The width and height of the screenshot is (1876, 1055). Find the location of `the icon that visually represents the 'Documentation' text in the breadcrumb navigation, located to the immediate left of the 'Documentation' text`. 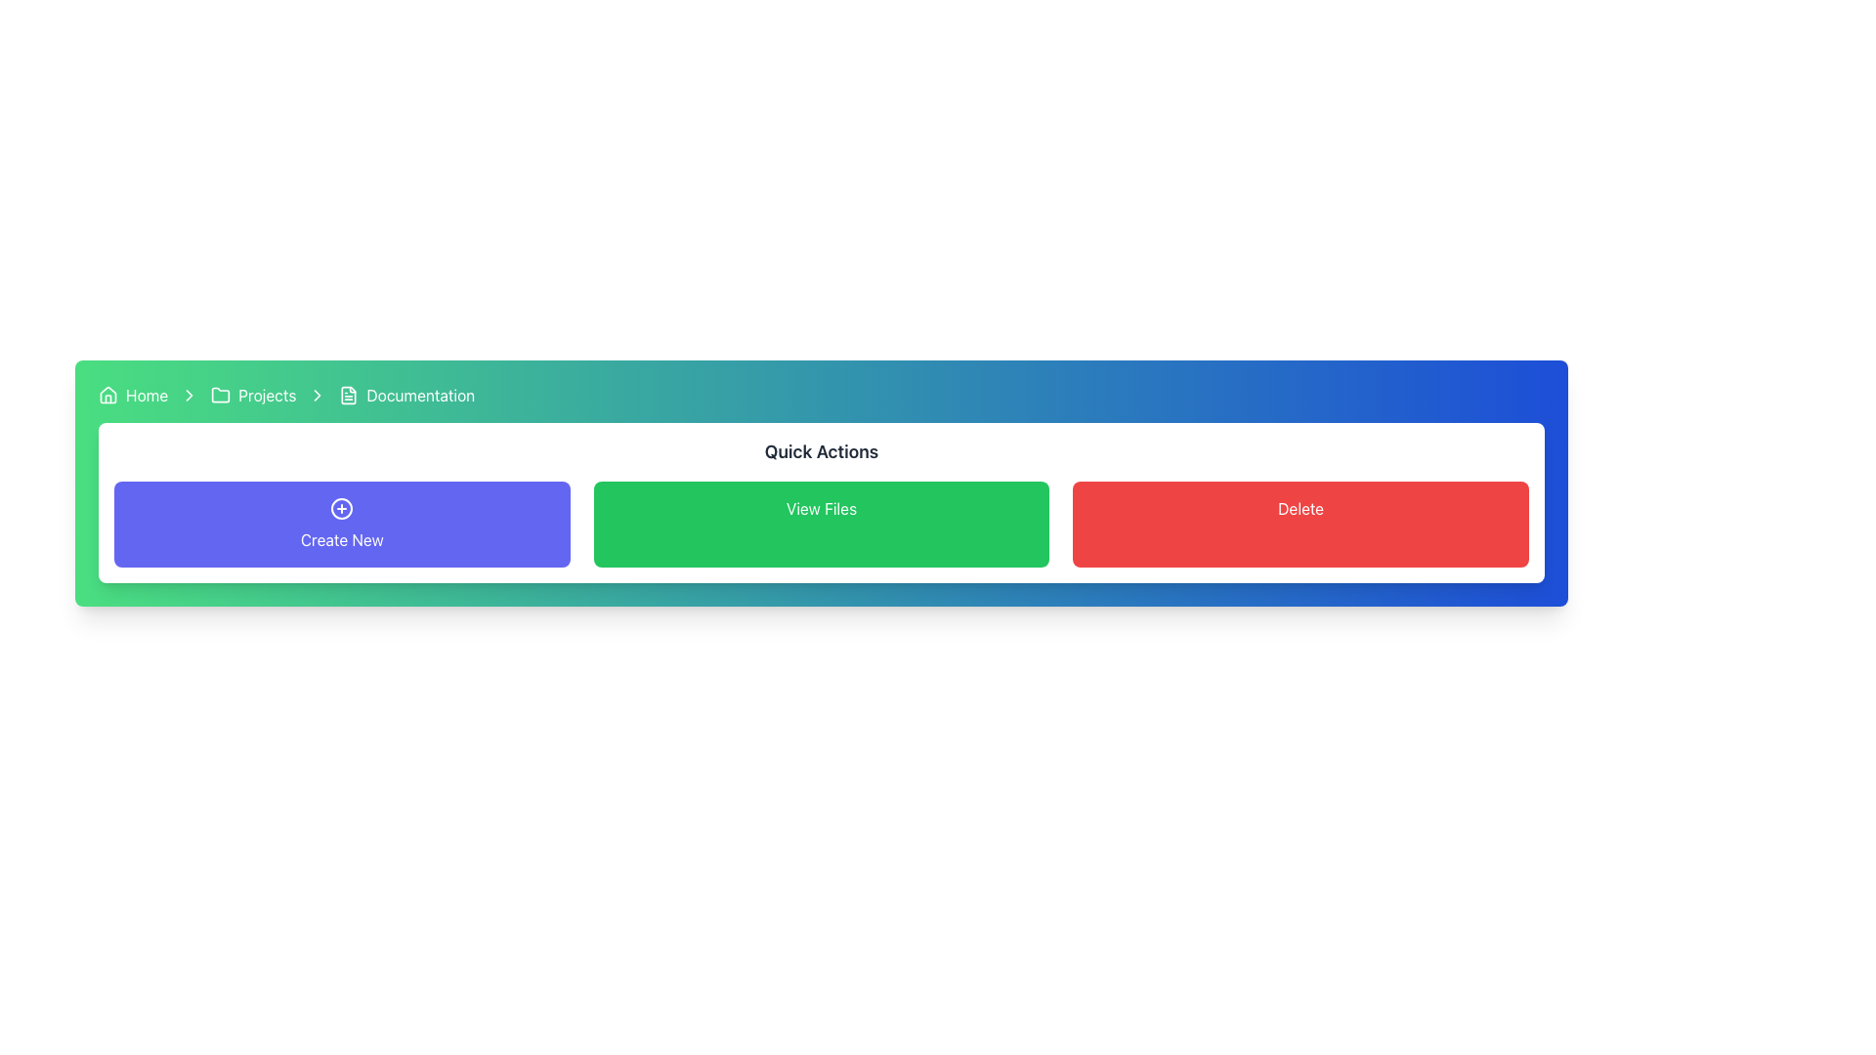

the icon that visually represents the 'Documentation' text in the breadcrumb navigation, located to the immediate left of the 'Documentation' text is located at coordinates (349, 396).